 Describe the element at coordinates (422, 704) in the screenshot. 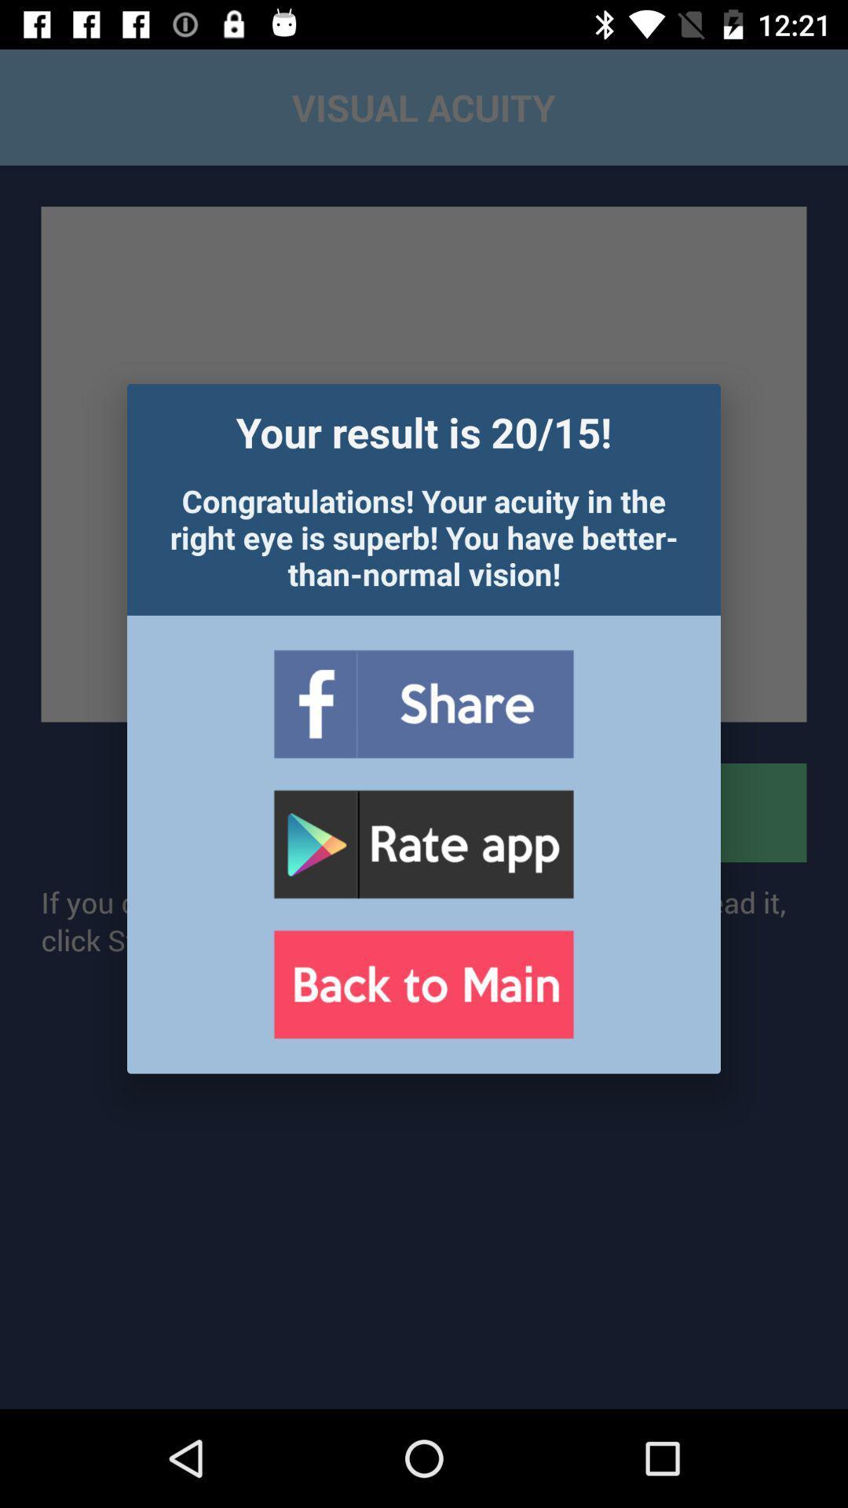

I see `share on facebook` at that location.